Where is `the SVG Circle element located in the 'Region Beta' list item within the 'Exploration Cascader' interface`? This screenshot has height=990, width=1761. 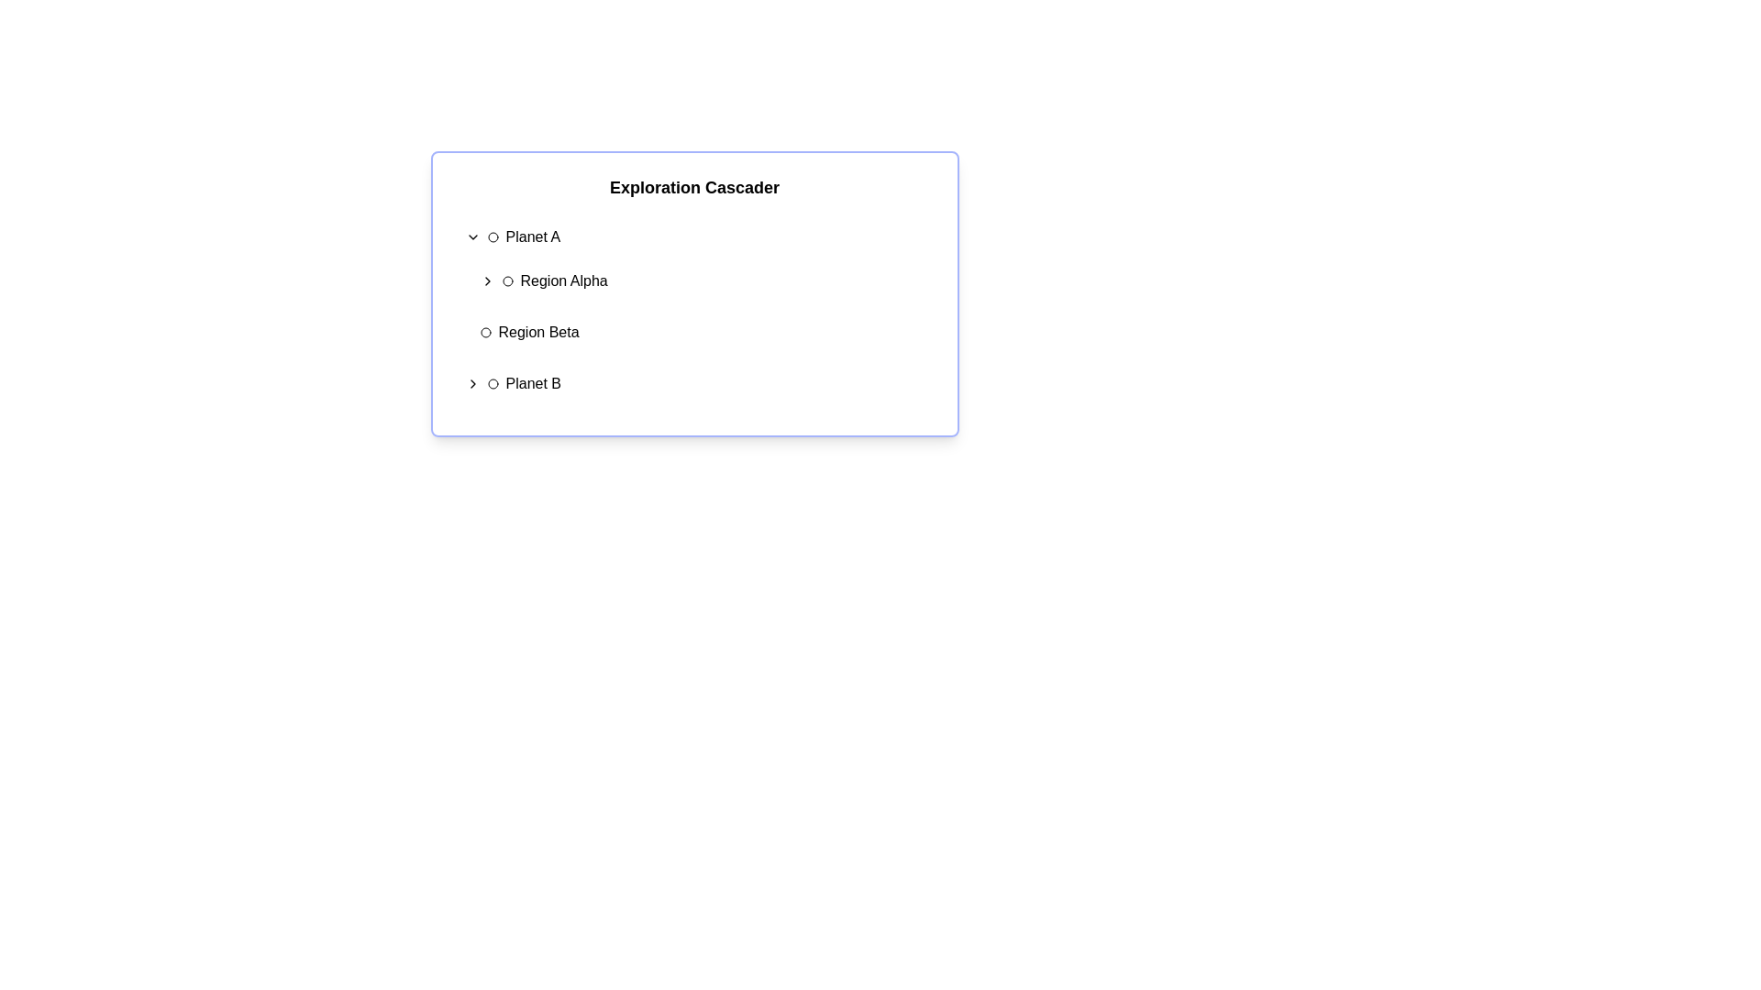
the SVG Circle element located in the 'Region Beta' list item within the 'Exploration Cascader' interface is located at coordinates (485, 332).